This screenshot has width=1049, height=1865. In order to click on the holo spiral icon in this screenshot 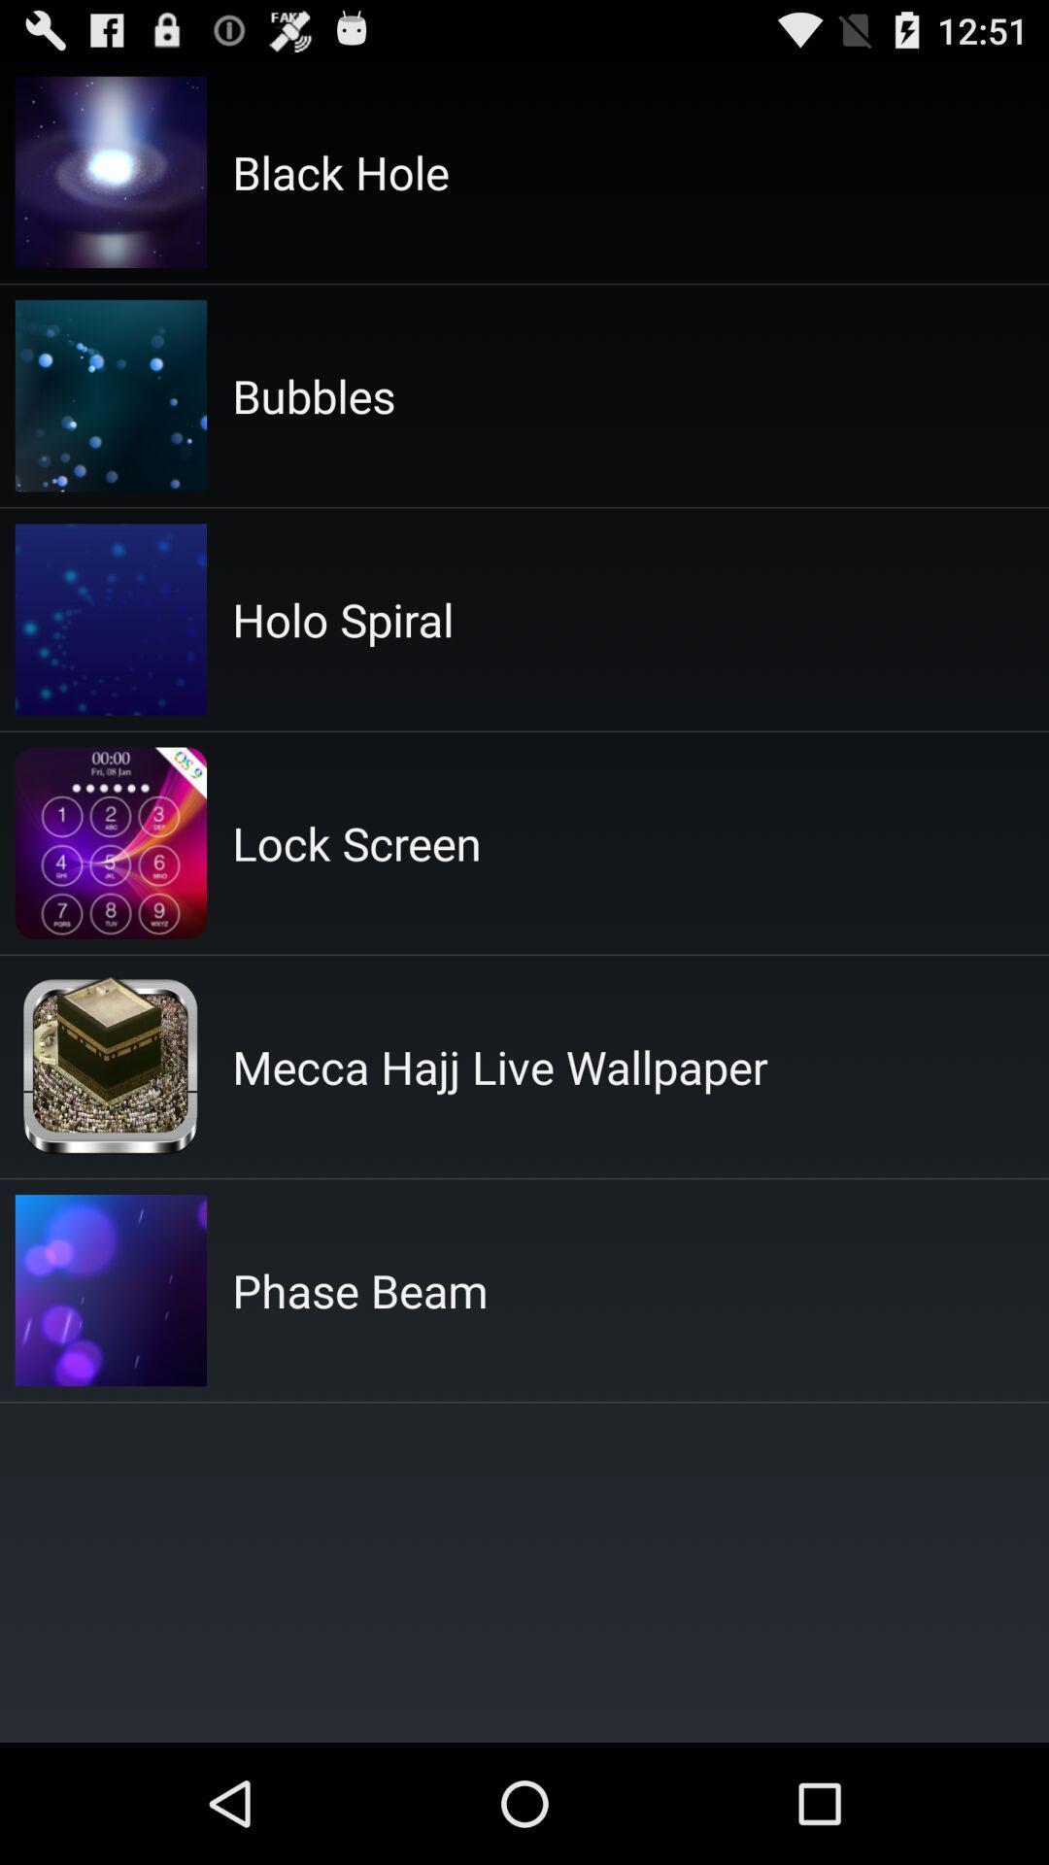, I will do `click(342, 618)`.